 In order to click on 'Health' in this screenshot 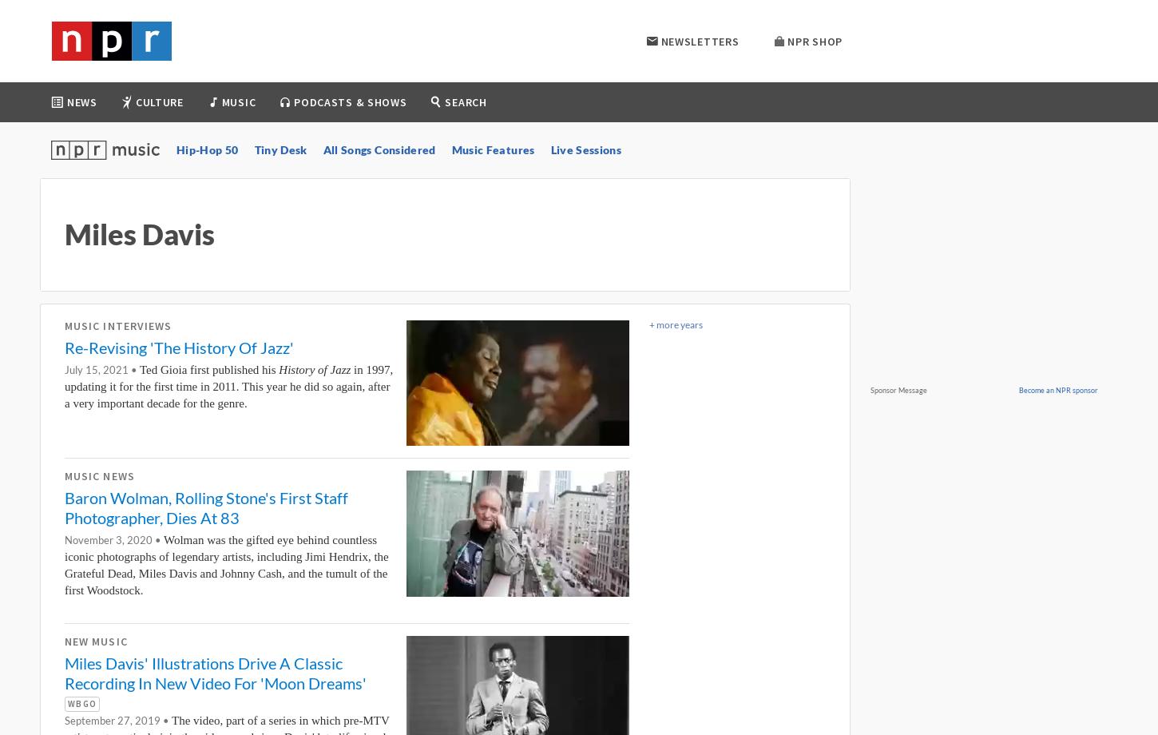, I will do `click(93, 225)`.